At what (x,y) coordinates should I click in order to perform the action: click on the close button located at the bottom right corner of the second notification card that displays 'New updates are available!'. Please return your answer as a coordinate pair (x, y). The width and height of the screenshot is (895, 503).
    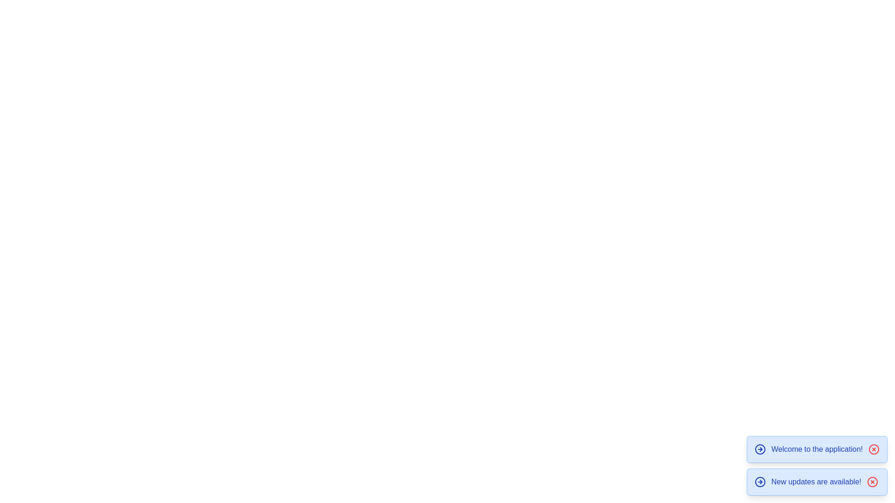
    Looking at the image, I should click on (872, 482).